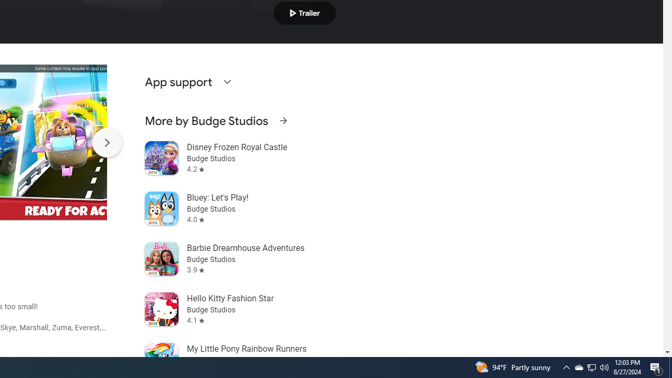  Describe the element at coordinates (226, 81) in the screenshot. I see `'Expand'` at that location.